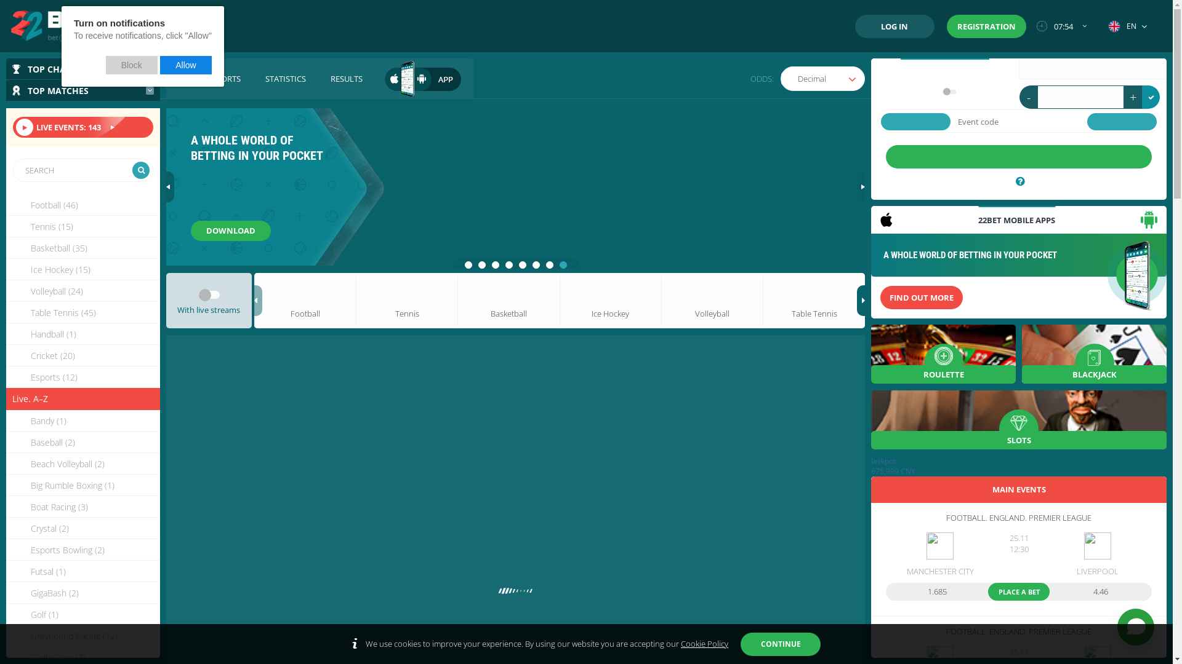 The height and width of the screenshot is (664, 1182). What do you see at coordinates (6, 571) in the screenshot?
I see `'Futsal` at bounding box center [6, 571].